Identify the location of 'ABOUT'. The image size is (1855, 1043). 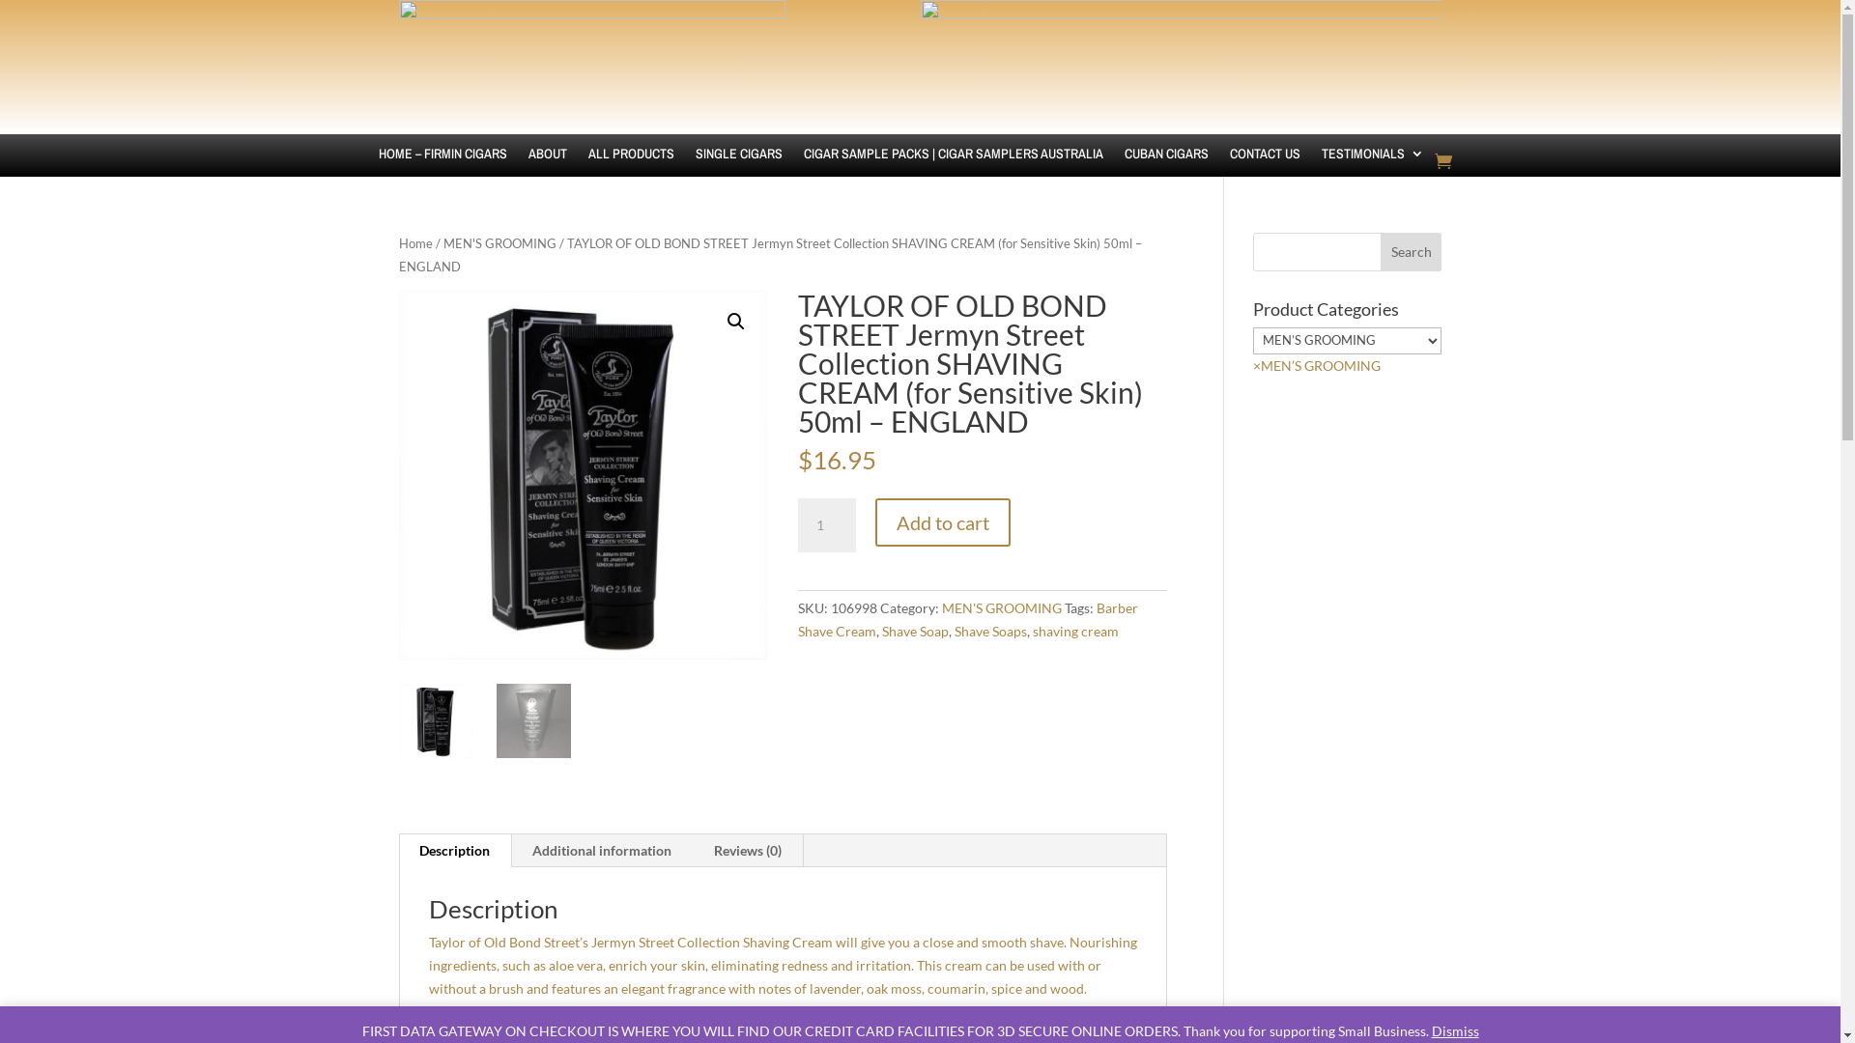
(546, 166).